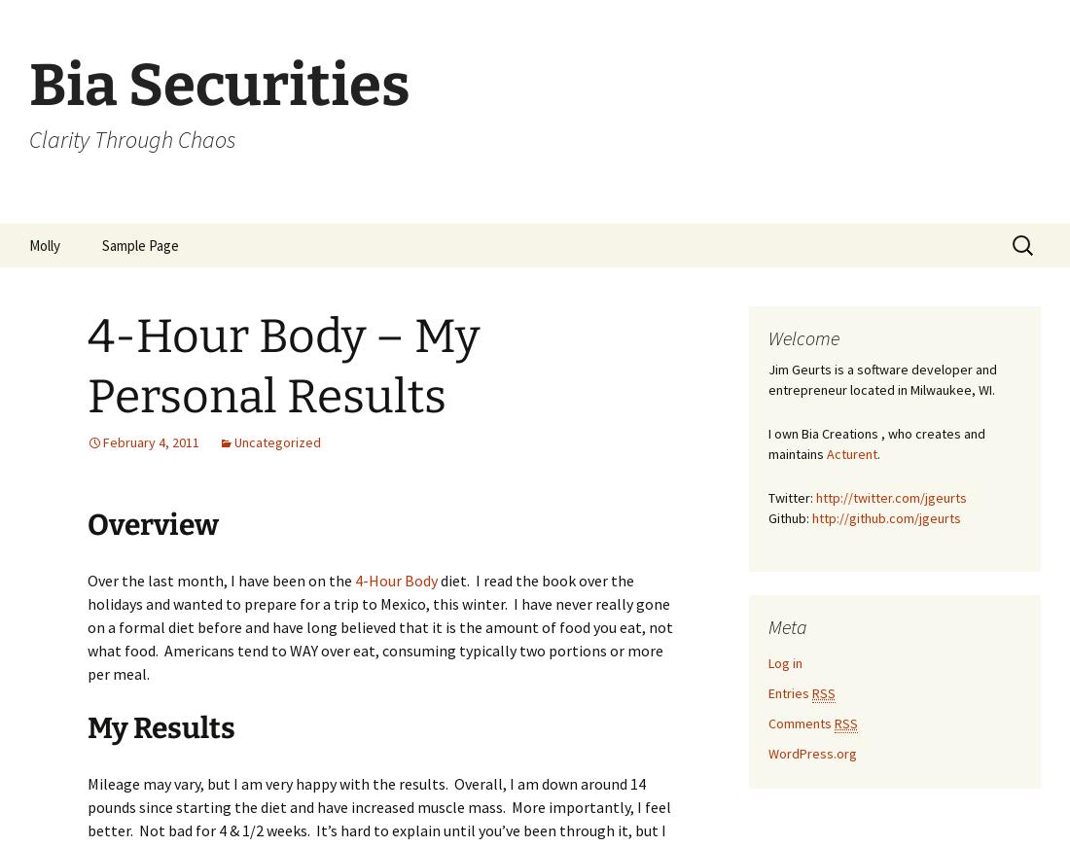  Describe the element at coordinates (87, 365) in the screenshot. I see `'4-Hour Body – My Personal Results'` at that location.